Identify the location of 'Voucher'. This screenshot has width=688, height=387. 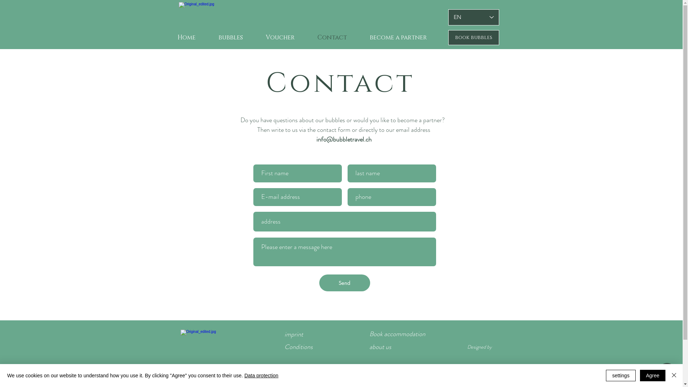
(280, 37).